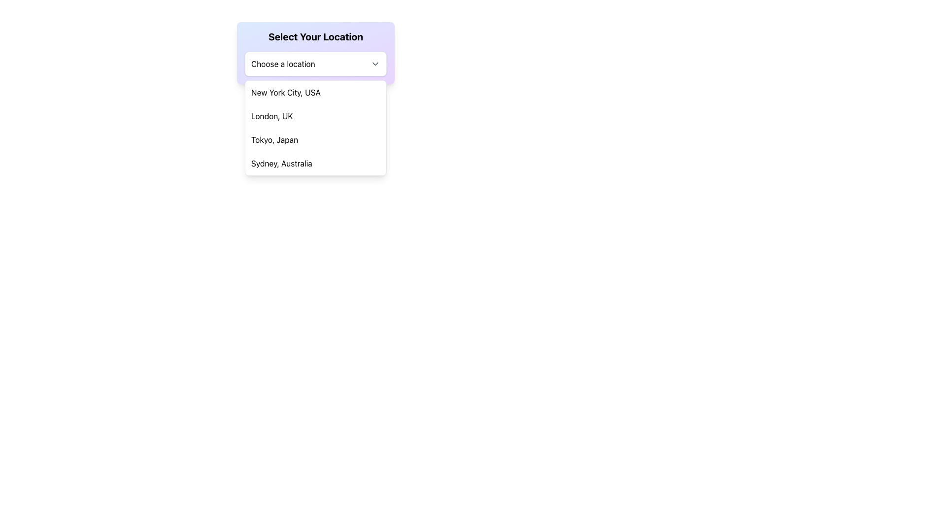  Describe the element at coordinates (316, 93) in the screenshot. I see `the first interactive list item that reads 'New York City, USA' in the dropdown selection menu` at that location.